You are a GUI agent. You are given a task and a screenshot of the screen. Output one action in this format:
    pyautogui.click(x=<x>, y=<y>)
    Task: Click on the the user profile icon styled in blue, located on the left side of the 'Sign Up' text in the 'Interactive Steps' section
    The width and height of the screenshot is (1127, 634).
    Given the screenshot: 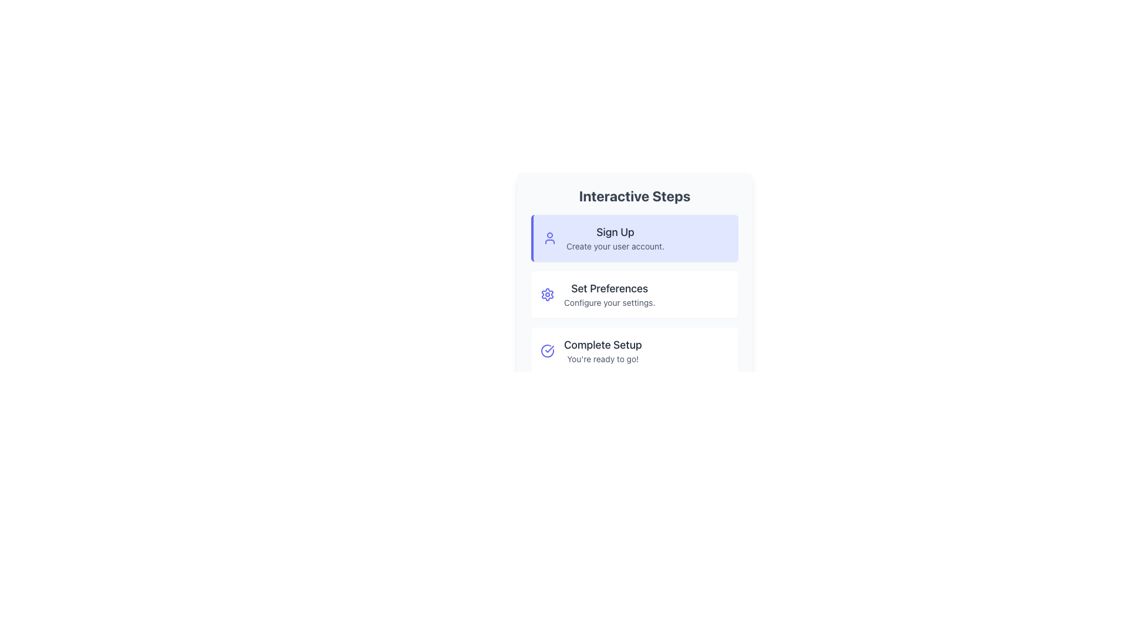 What is the action you would take?
    pyautogui.click(x=549, y=238)
    